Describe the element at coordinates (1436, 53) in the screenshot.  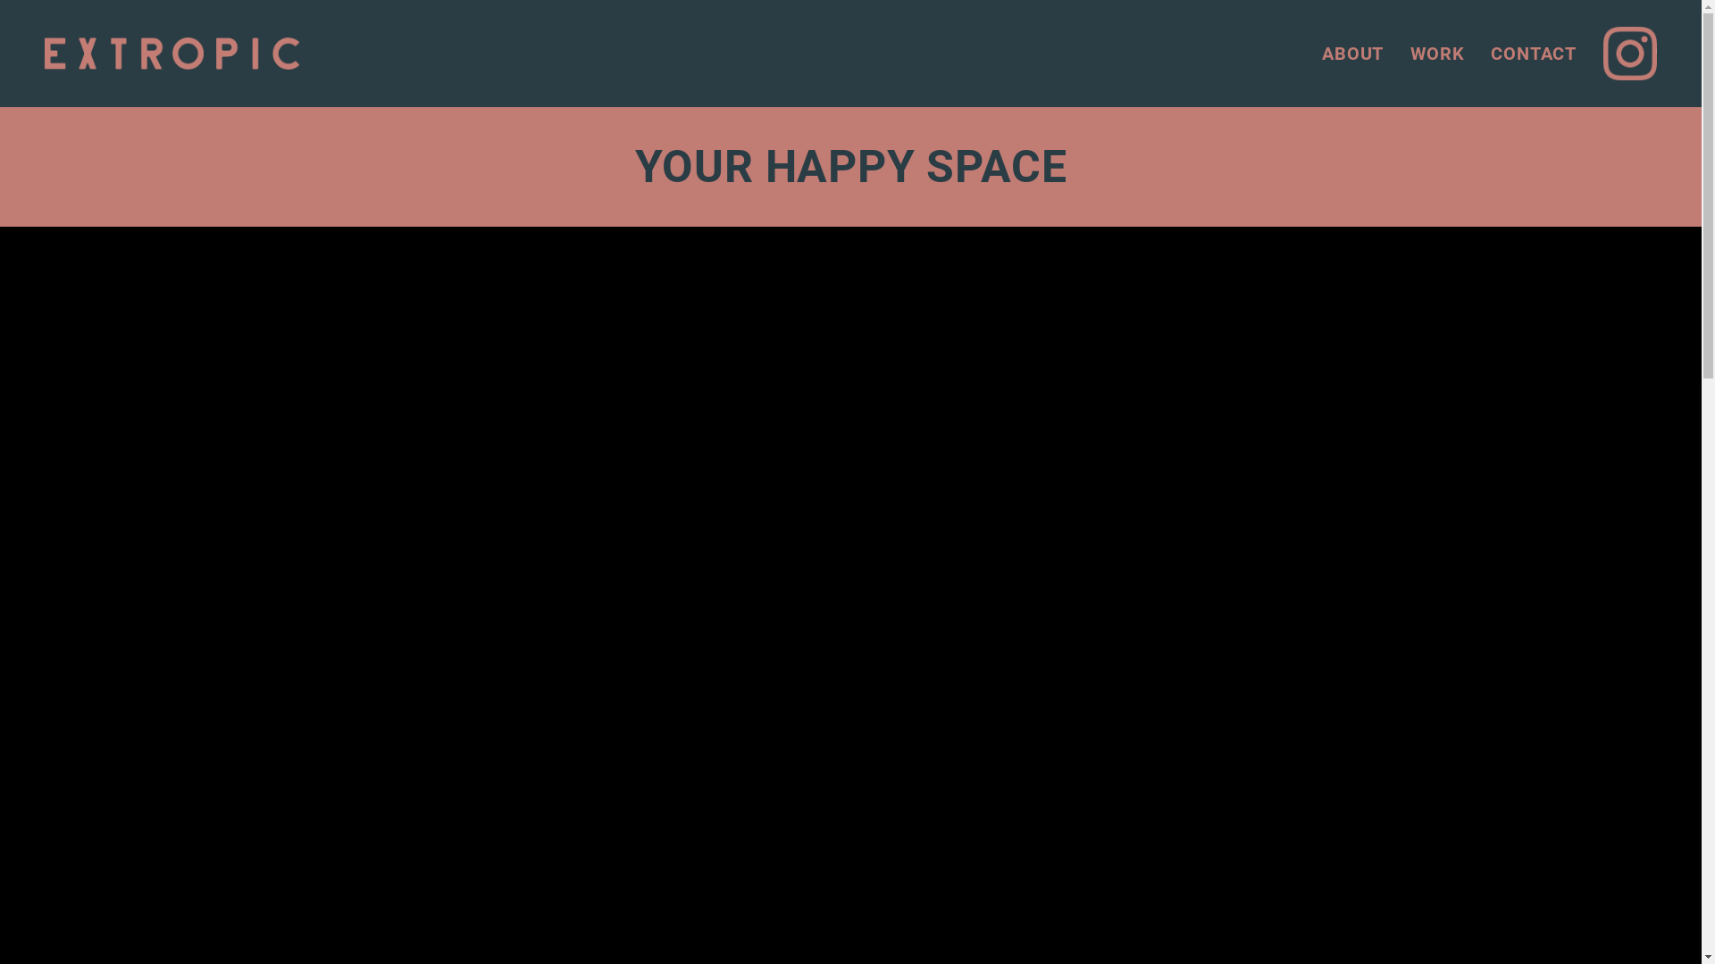
I see `'WORK'` at that location.